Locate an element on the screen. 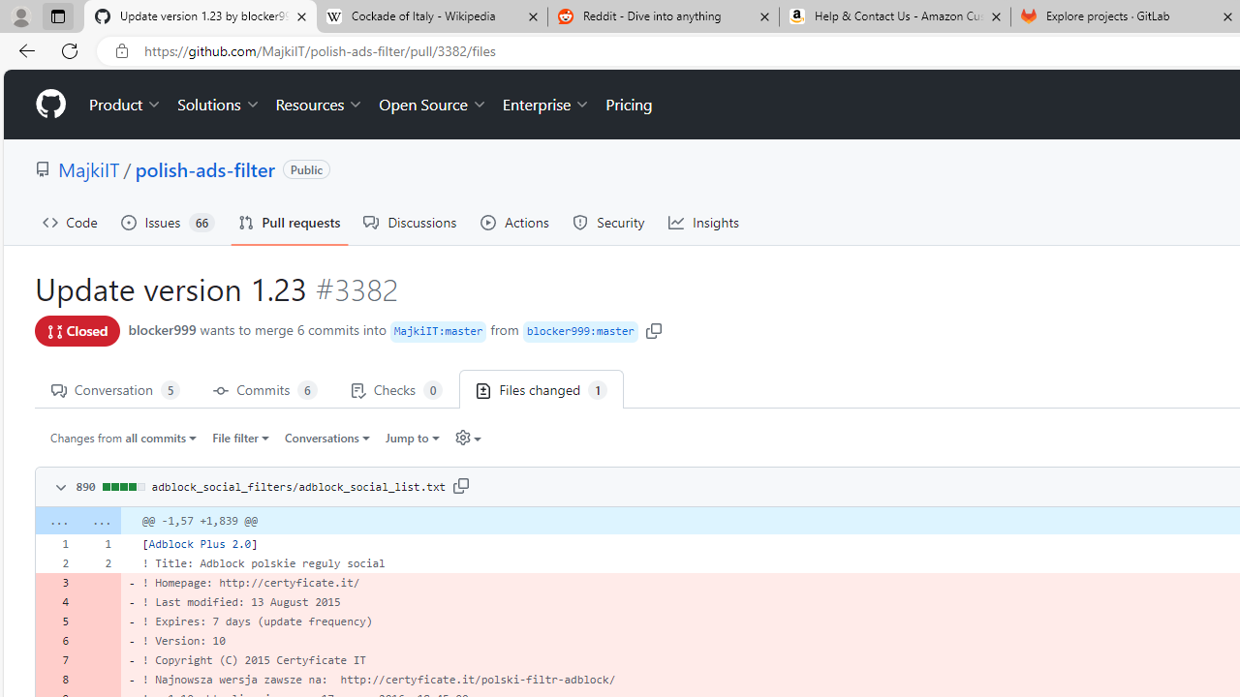 This screenshot has width=1240, height=697. '3' is located at coordinates (56, 581).